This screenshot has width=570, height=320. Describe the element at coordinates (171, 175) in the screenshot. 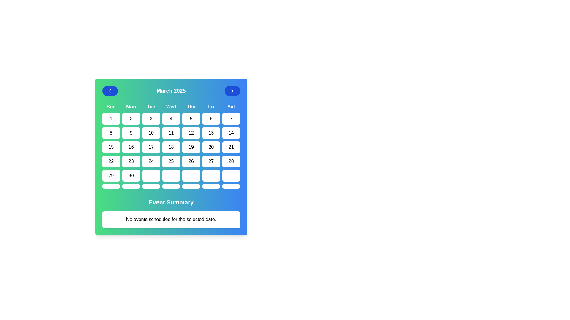

I see `the selectable day button in the calendar interface located in the bottom row and fourth column` at that location.